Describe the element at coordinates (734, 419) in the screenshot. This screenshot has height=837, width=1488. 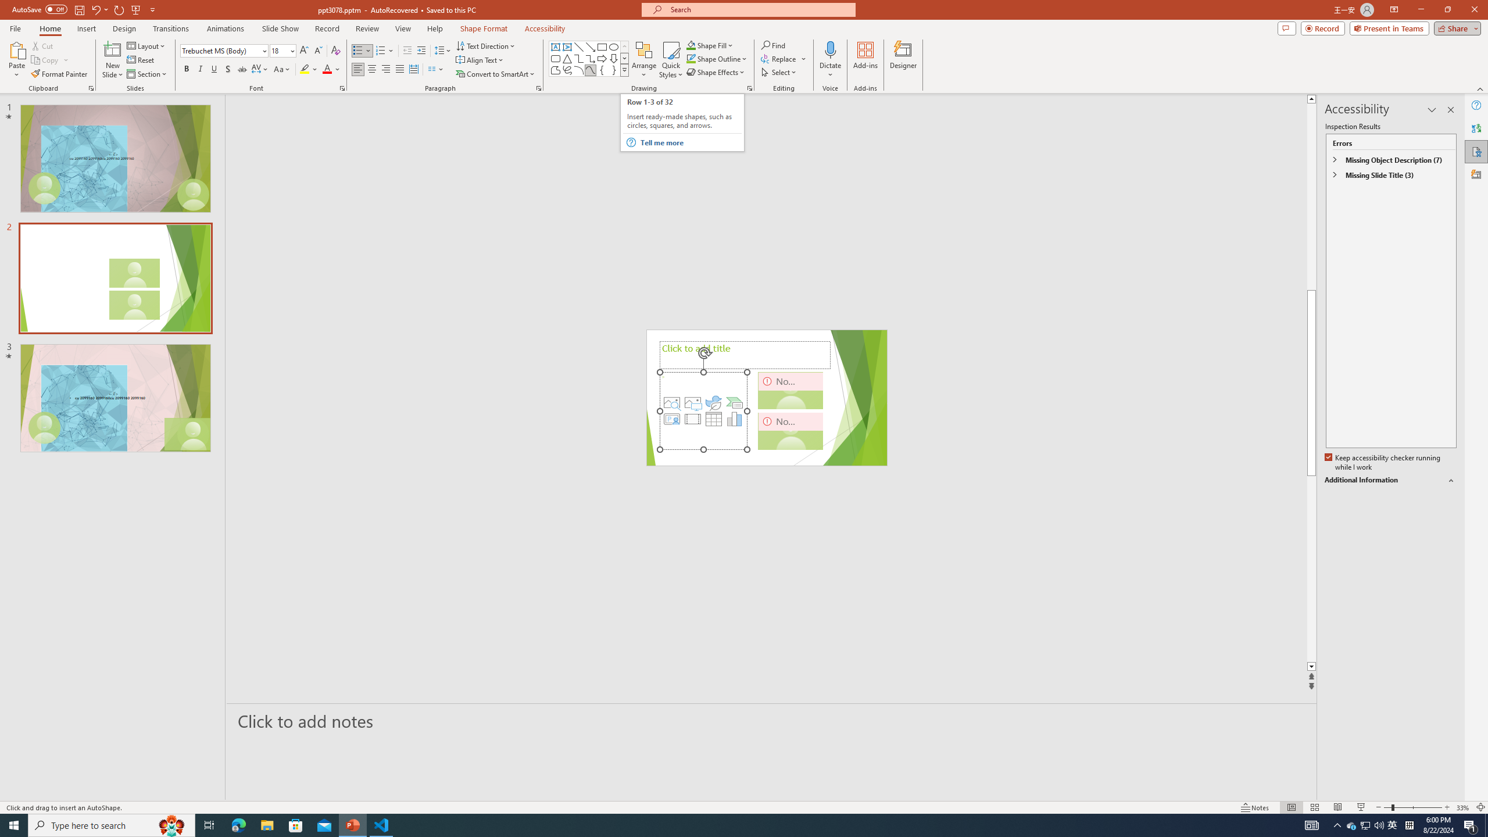
I see `'Insert Chart'` at that location.